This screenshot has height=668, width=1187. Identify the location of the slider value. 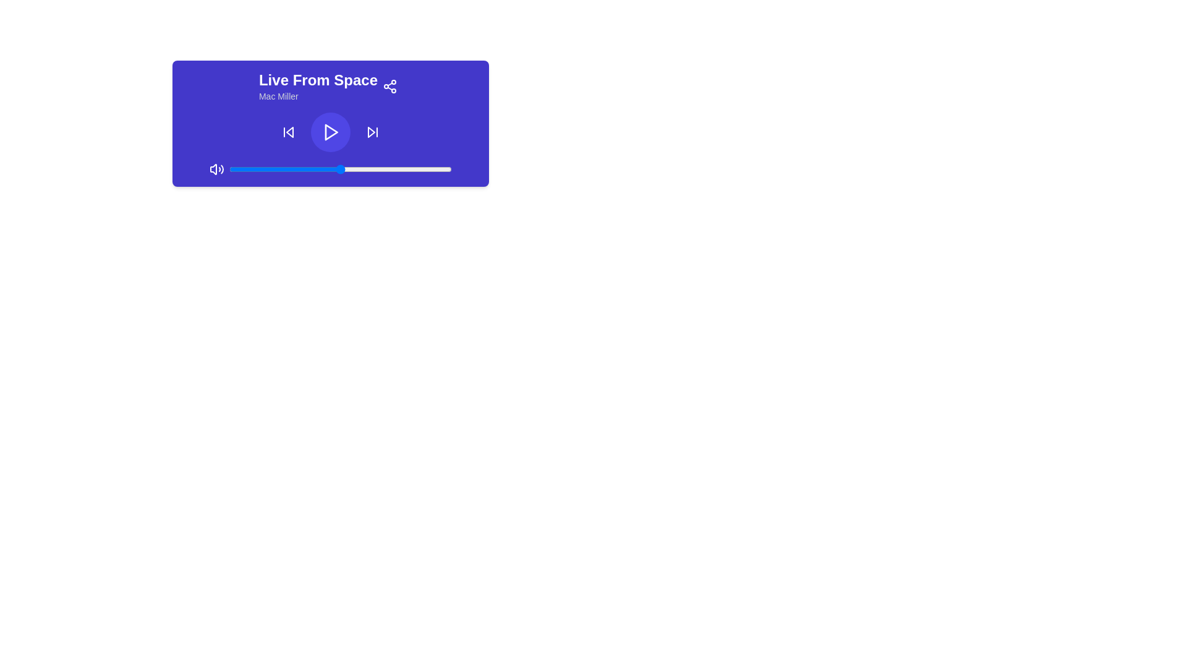
(402, 169).